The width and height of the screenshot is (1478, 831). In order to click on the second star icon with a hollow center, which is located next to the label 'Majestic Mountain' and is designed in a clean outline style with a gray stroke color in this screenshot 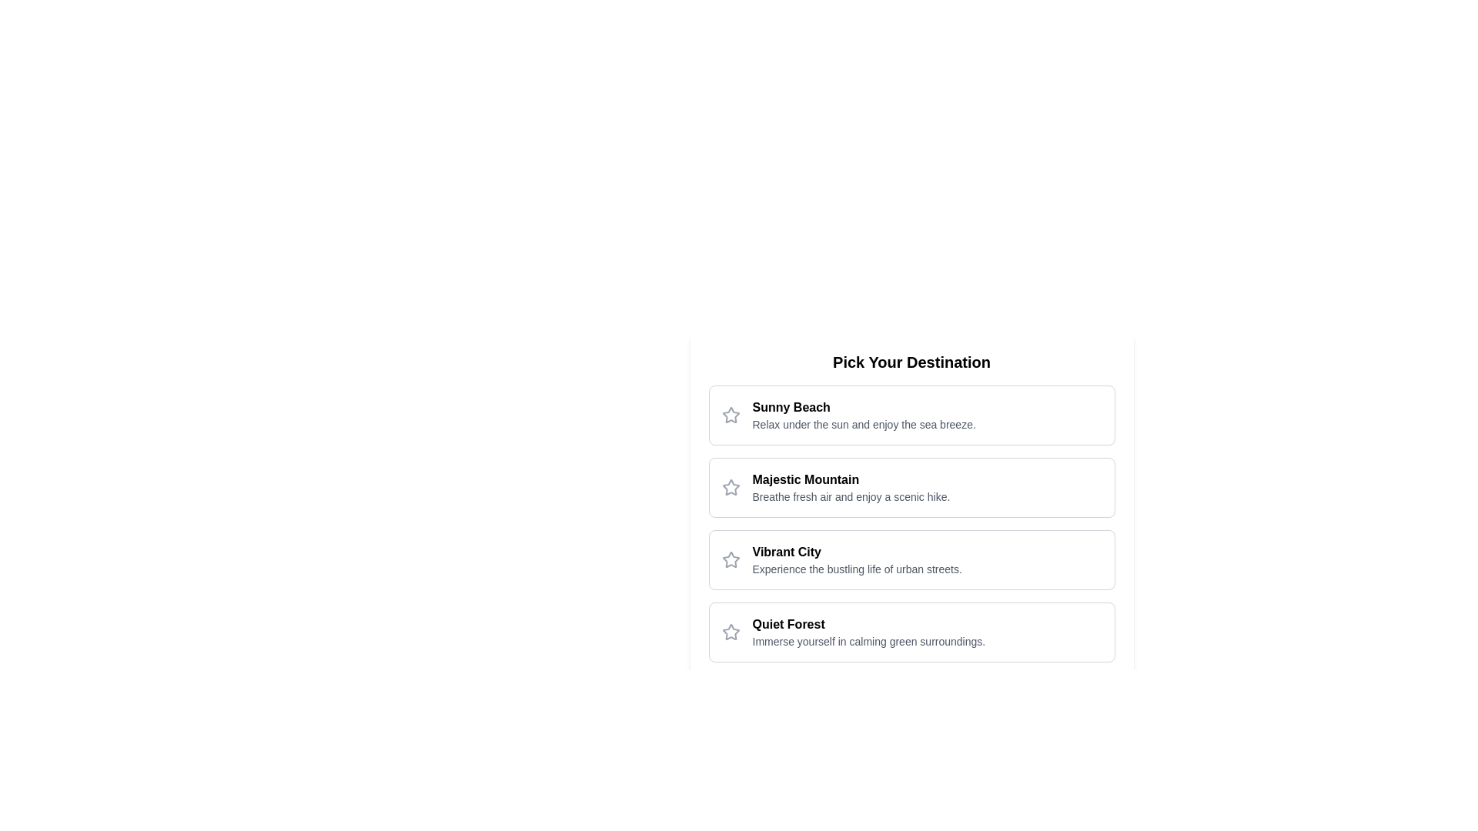, I will do `click(730, 487)`.